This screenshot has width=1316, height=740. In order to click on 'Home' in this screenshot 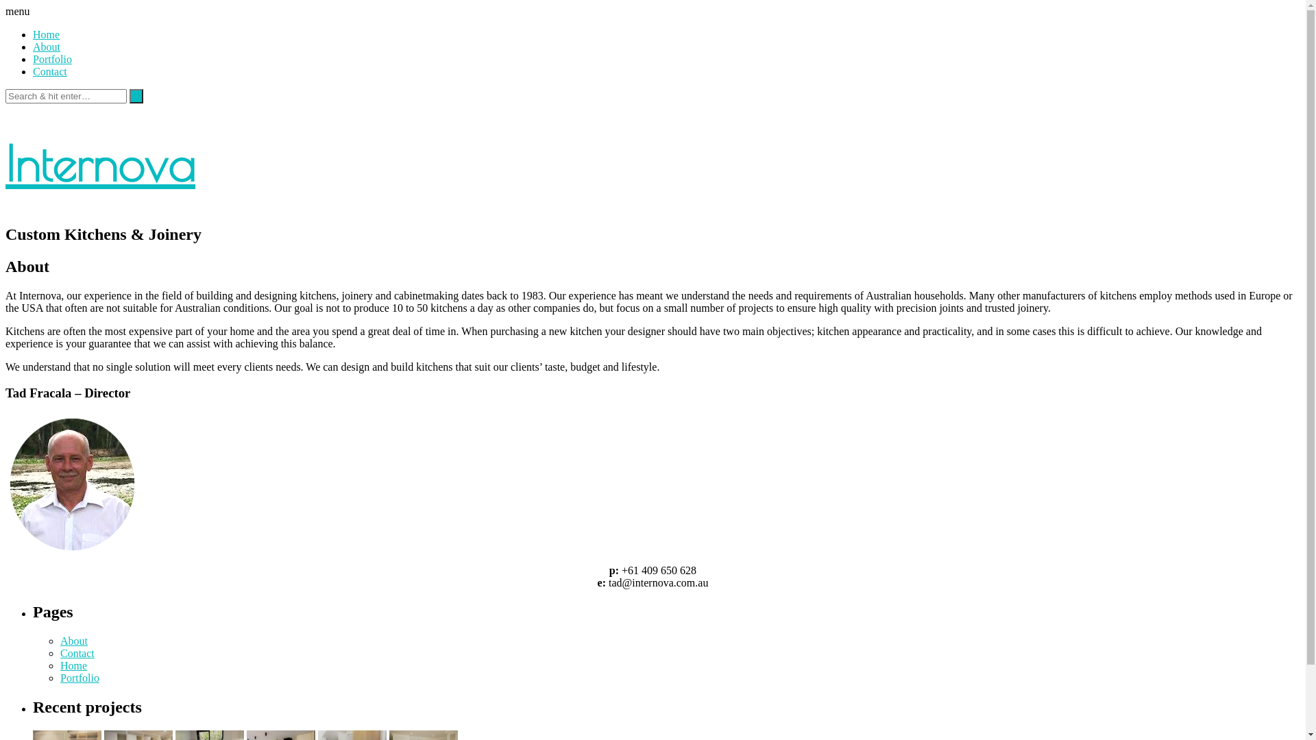, I will do `click(46, 34)`.